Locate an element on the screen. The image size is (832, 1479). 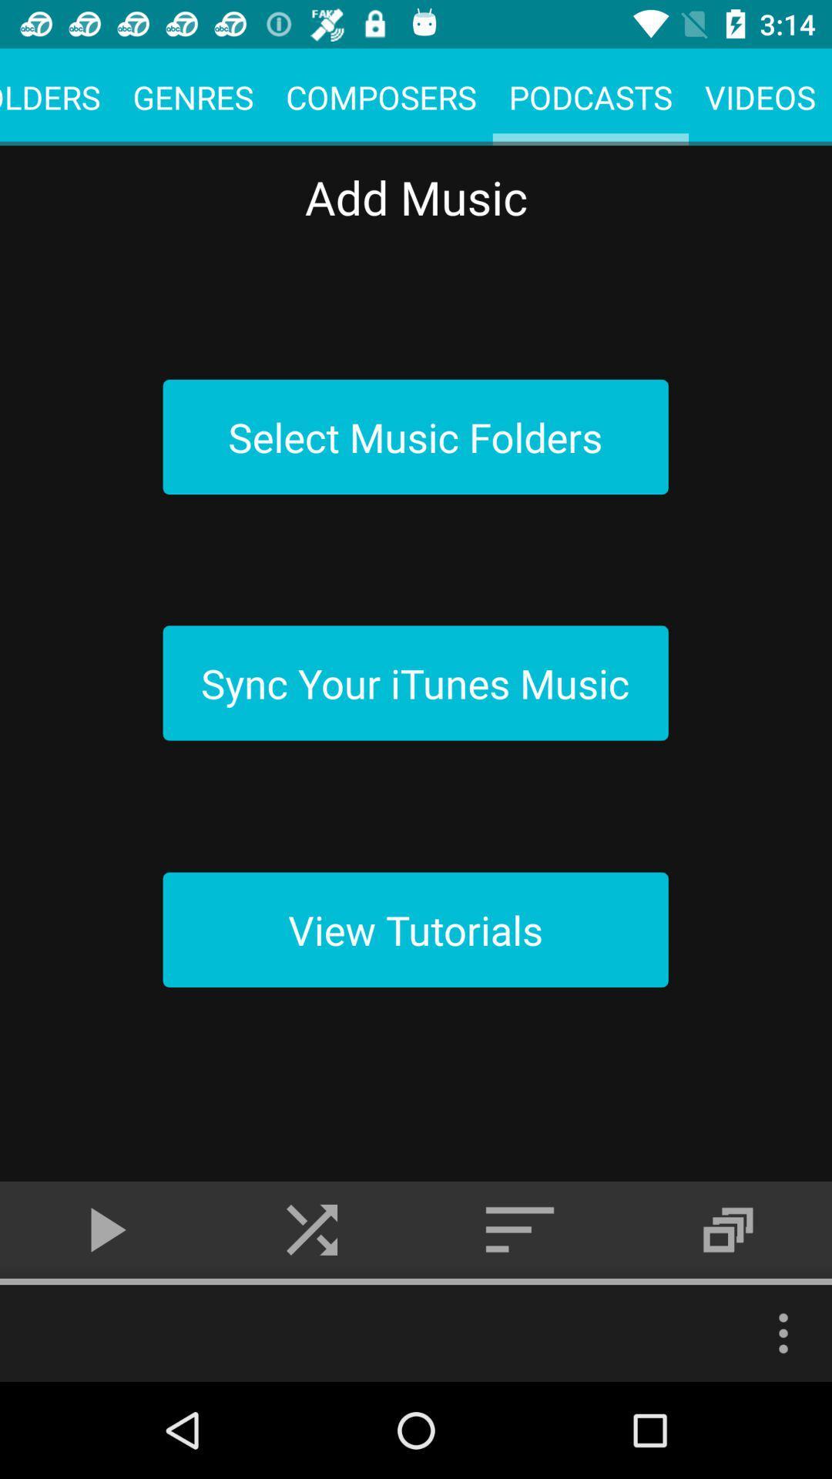
the more icon is located at coordinates (783, 1333).